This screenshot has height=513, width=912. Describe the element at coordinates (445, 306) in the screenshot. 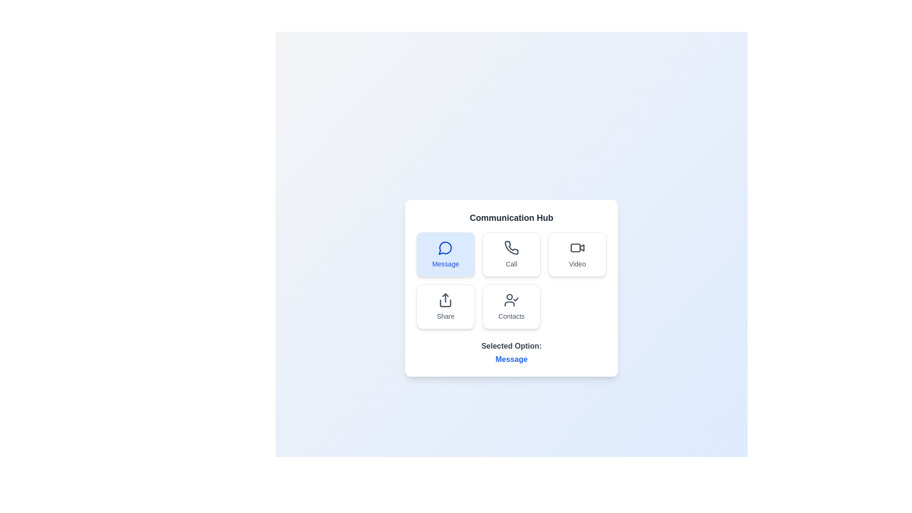

I see `the communication option Share by clicking on its respective button` at that location.